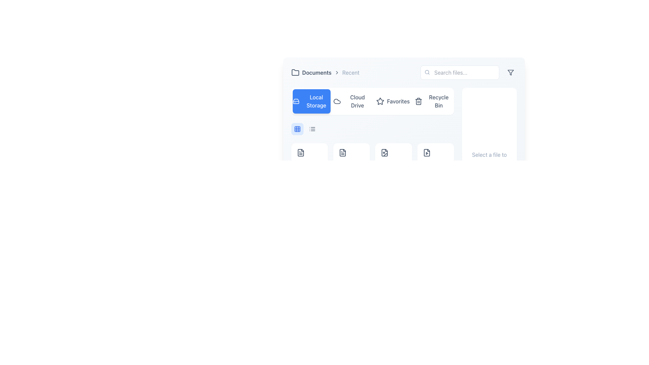  Describe the element at coordinates (309, 163) in the screenshot. I see `the File item card located at the top-left corner of the grid layout` at that location.